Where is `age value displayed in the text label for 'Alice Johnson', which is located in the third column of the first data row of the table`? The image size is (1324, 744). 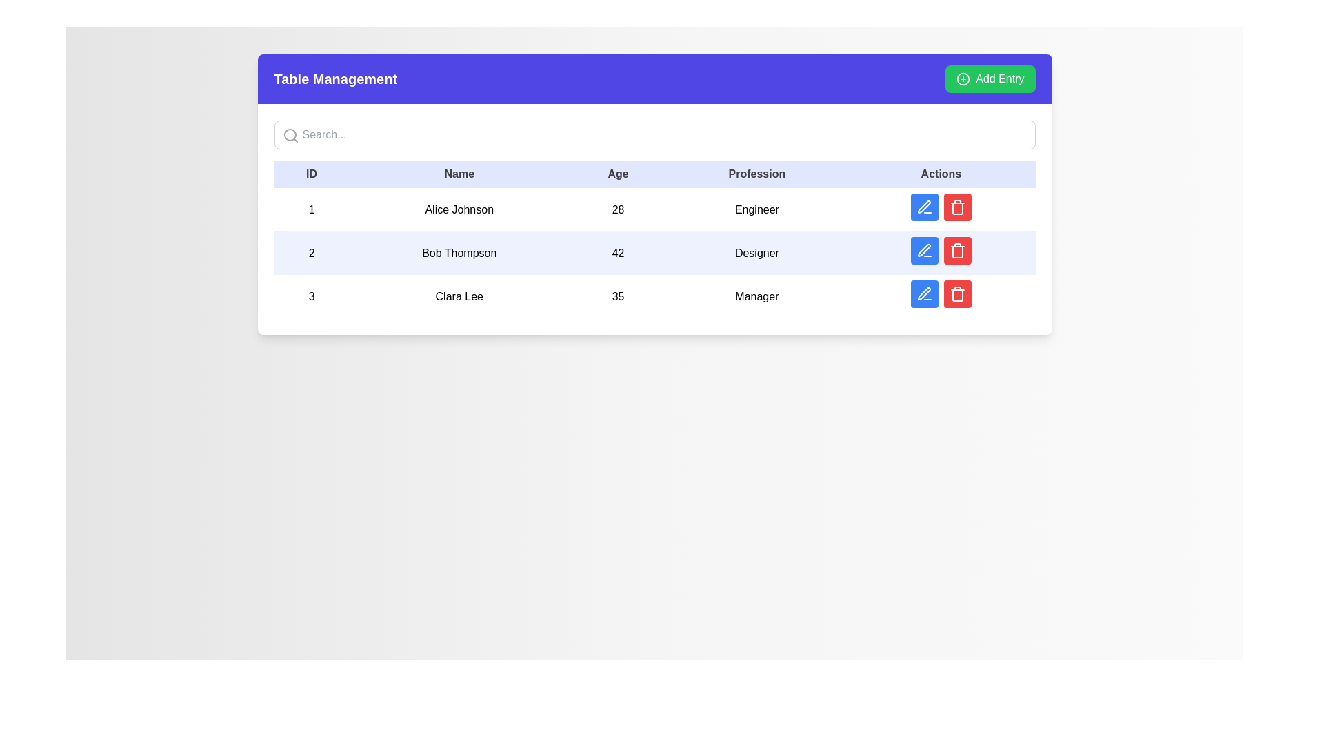 age value displayed in the text label for 'Alice Johnson', which is located in the third column of the first data row of the table is located at coordinates (617, 209).